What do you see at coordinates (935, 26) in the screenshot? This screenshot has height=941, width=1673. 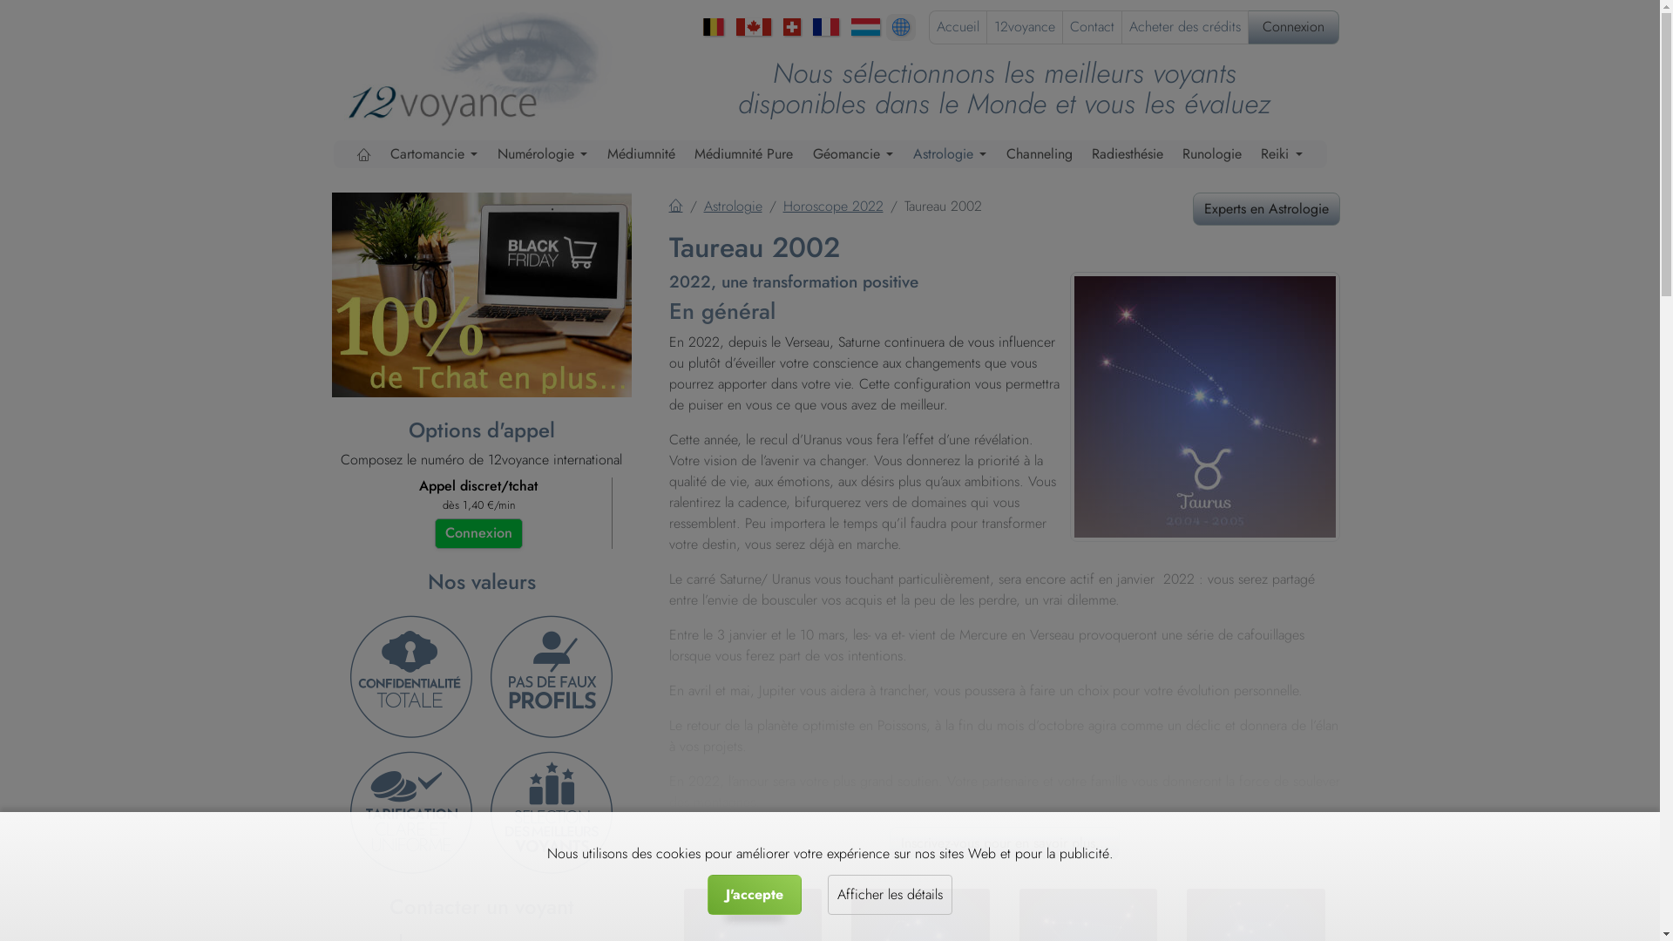 I see `'Accueil'` at bounding box center [935, 26].